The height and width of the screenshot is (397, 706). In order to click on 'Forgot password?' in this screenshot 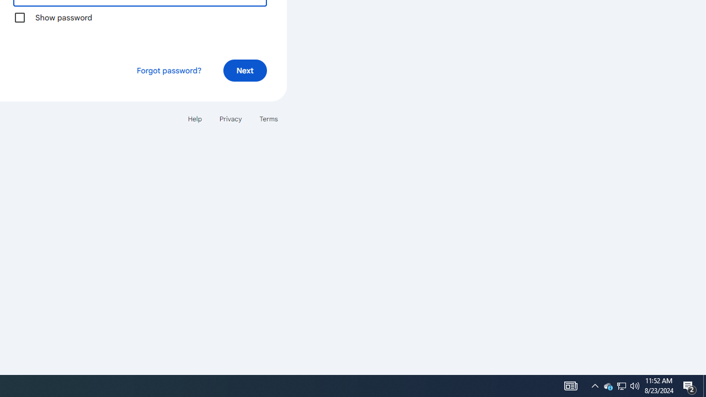, I will do `click(168, 70)`.